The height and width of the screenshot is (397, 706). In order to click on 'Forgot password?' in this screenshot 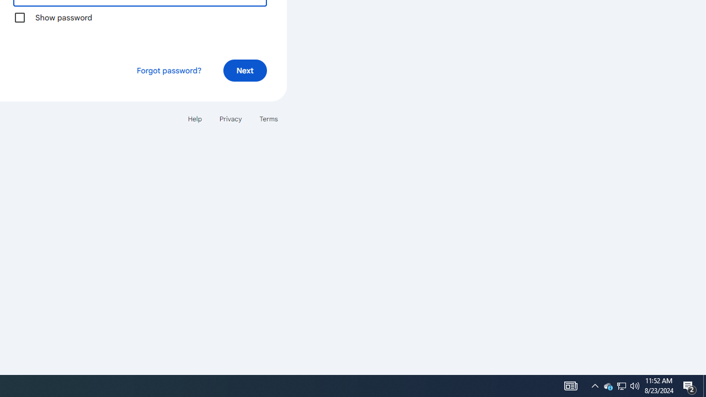, I will do `click(168, 70)`.